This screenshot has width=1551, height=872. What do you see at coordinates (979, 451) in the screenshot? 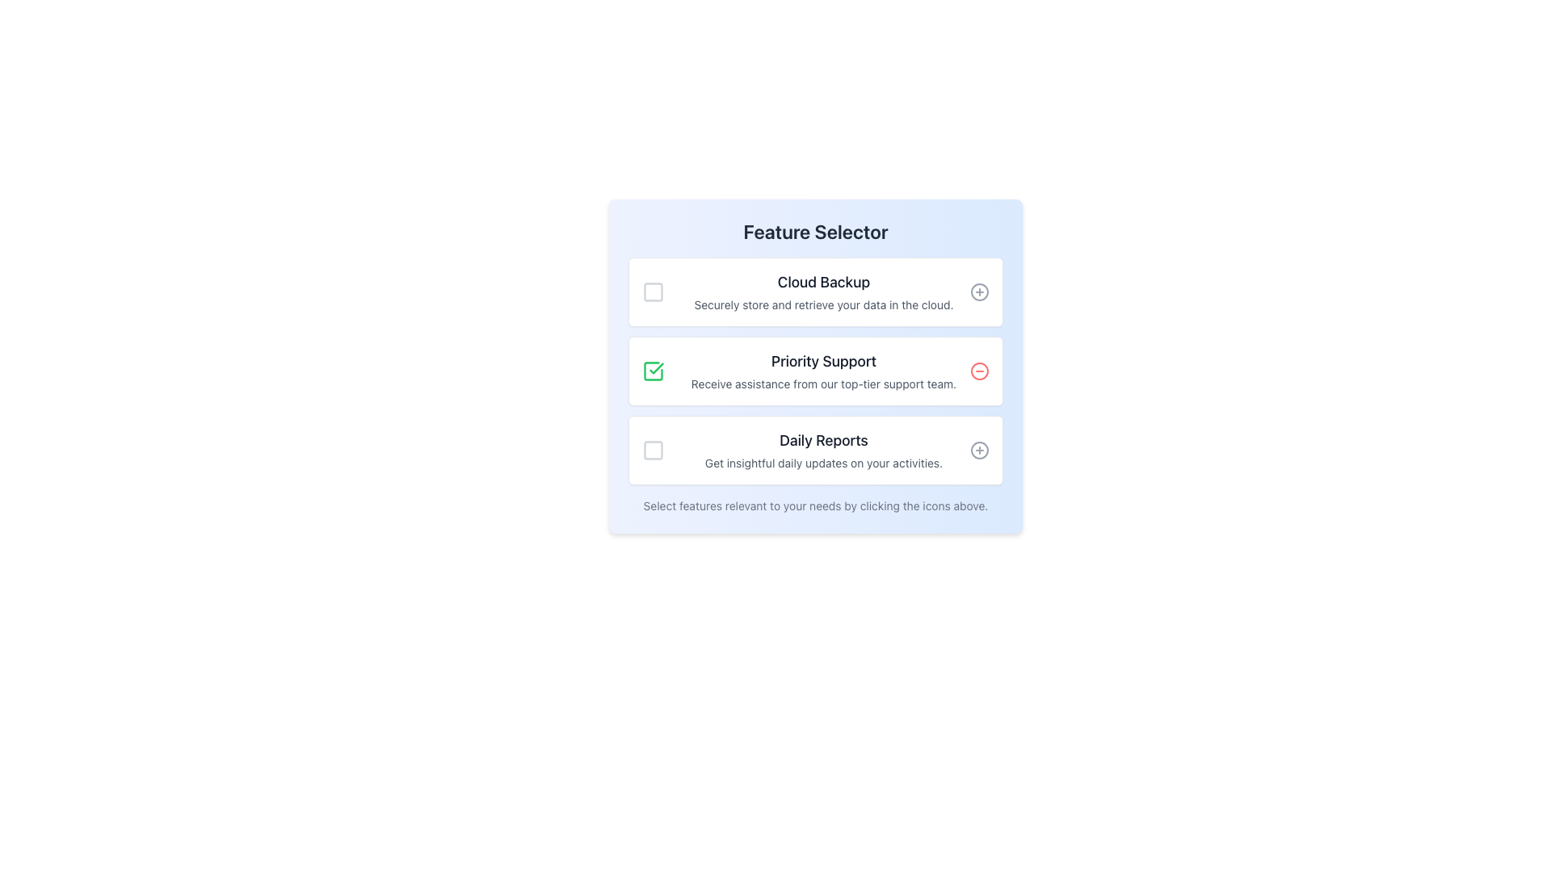
I see `the circular plus sign button located on the far right side of the 'Daily Reports' panel` at bounding box center [979, 451].